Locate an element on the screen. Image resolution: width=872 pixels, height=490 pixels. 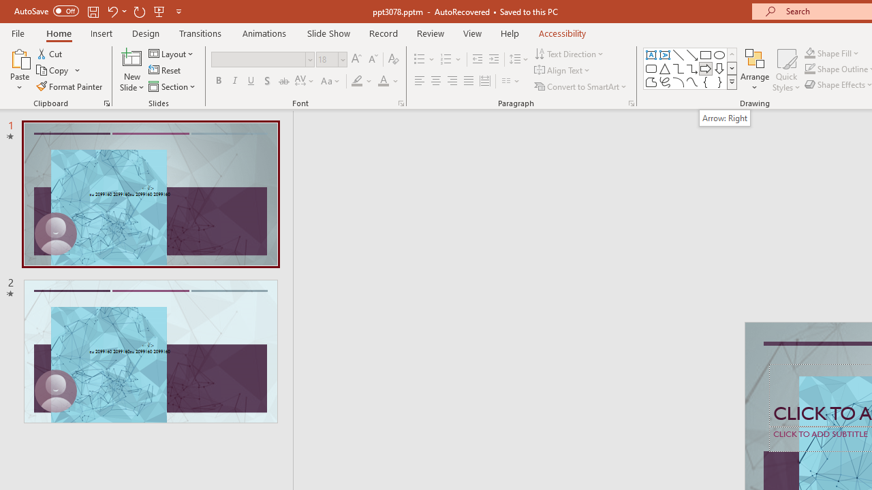
'Font...' is located at coordinates (400, 102).